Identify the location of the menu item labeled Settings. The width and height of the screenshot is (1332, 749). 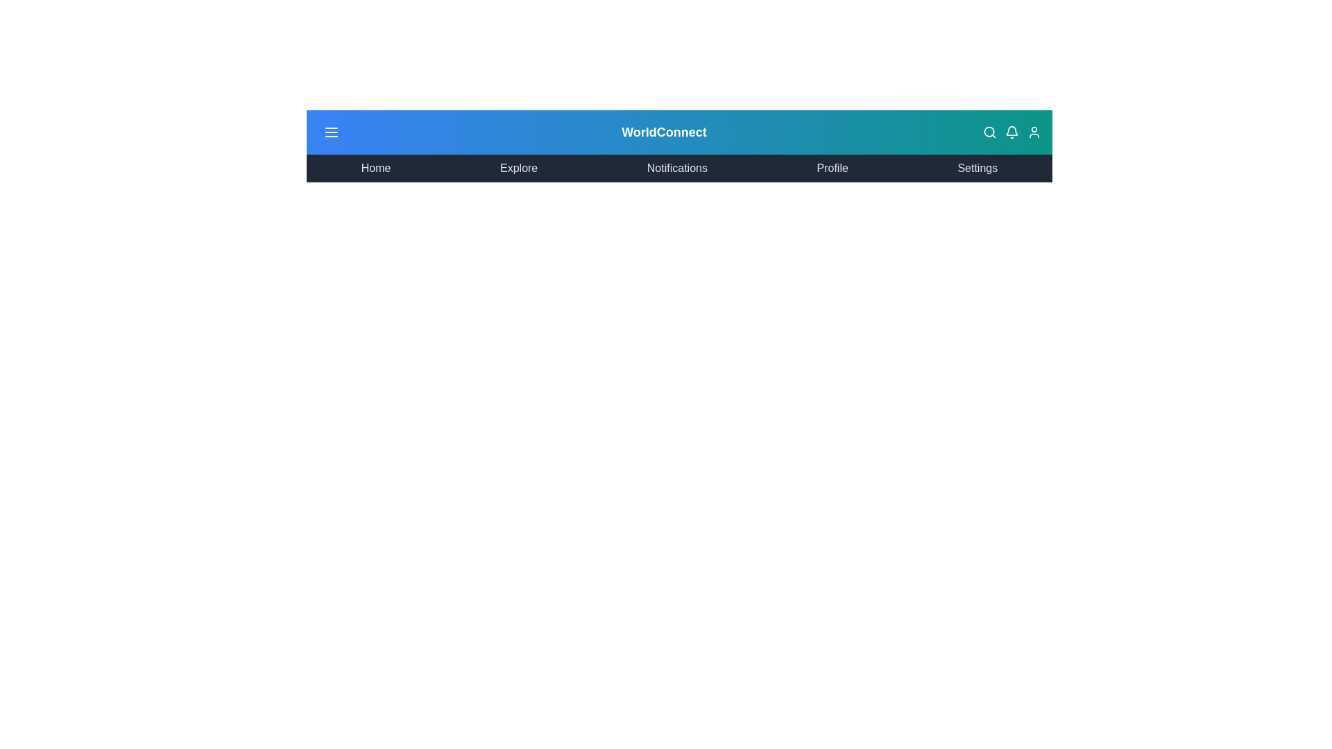
(977, 168).